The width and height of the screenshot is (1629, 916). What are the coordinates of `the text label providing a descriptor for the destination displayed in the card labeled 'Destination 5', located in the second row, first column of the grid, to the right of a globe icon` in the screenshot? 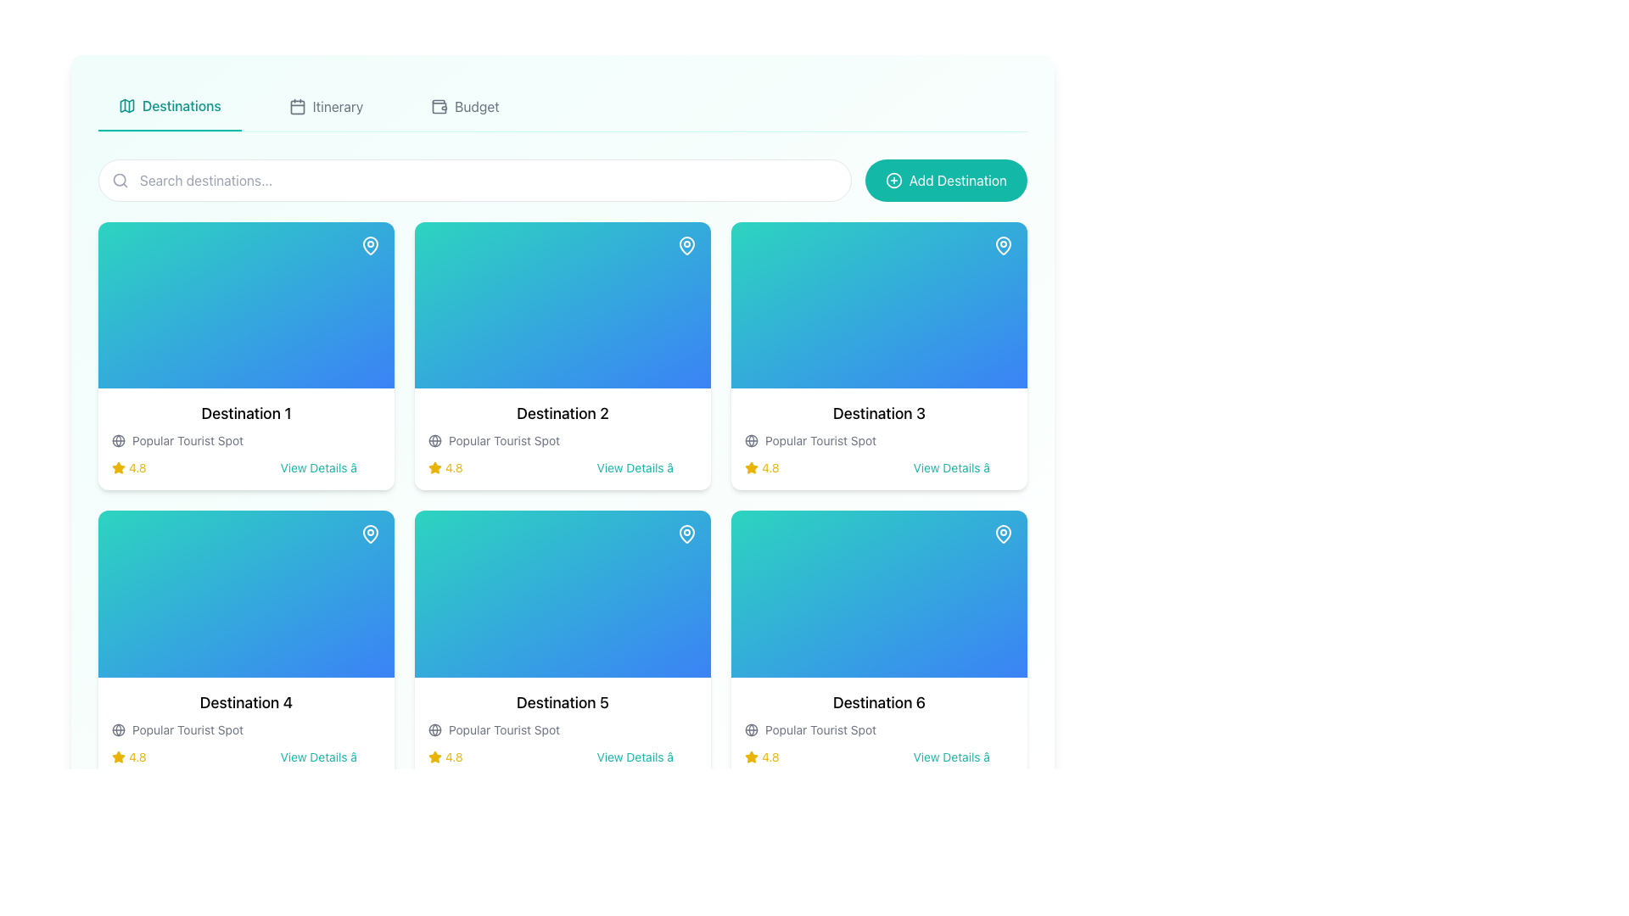 It's located at (503, 729).